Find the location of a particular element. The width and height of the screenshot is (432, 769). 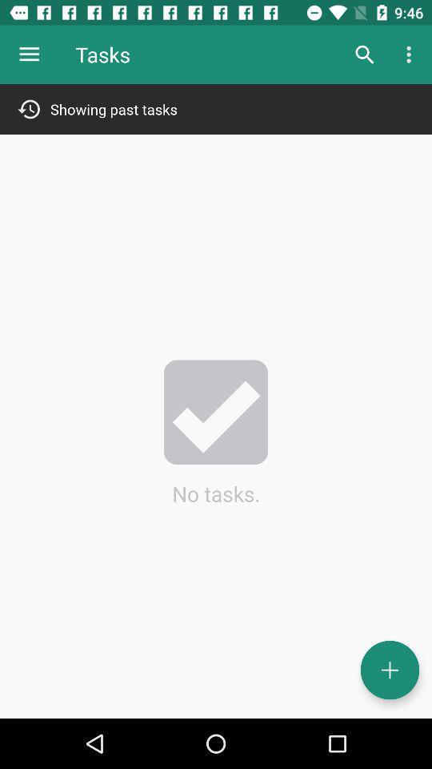

new task button is located at coordinates (389, 670).